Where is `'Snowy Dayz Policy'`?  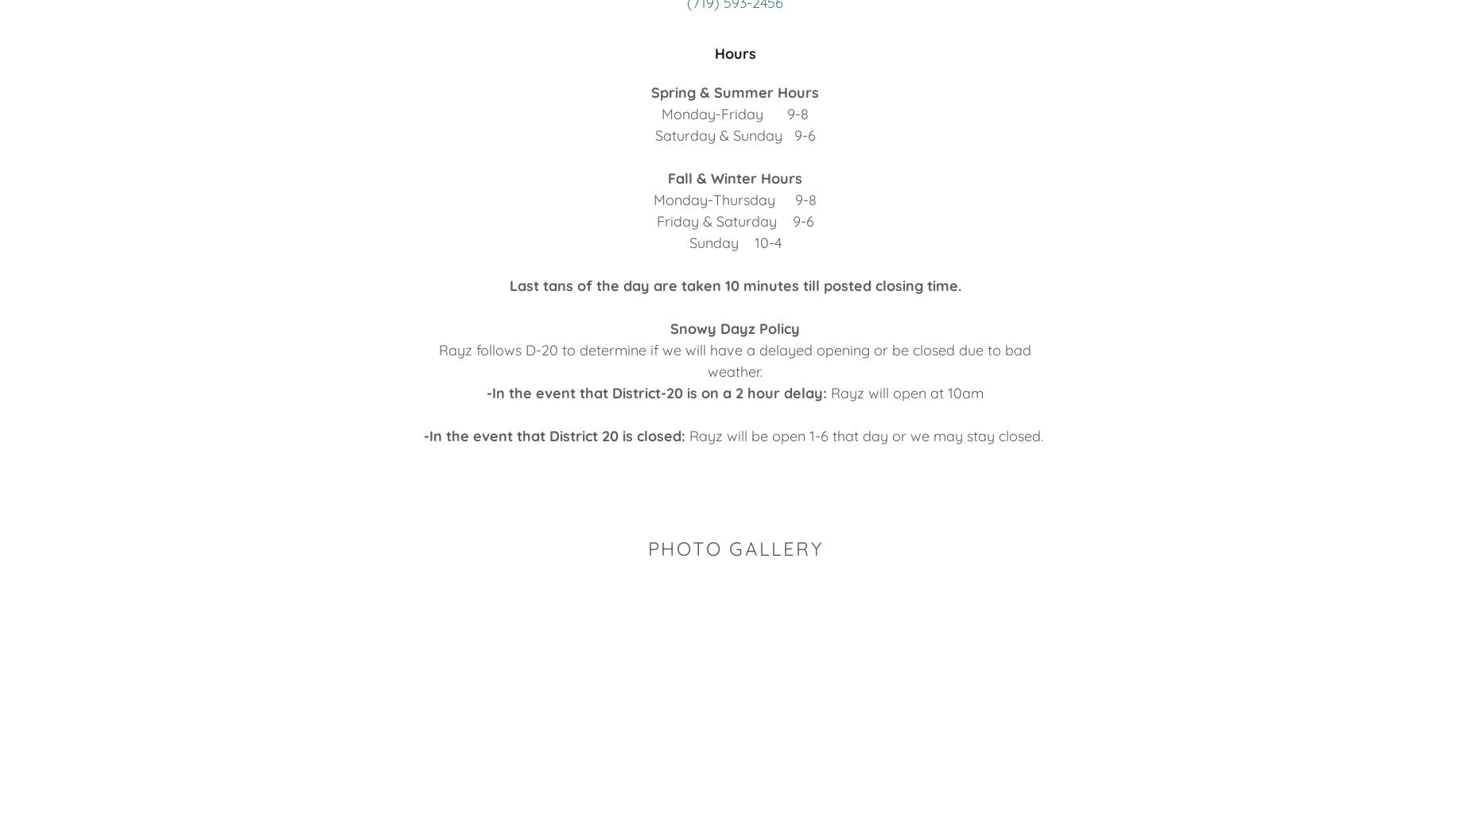
'Snowy Dayz Policy' is located at coordinates (735, 328).